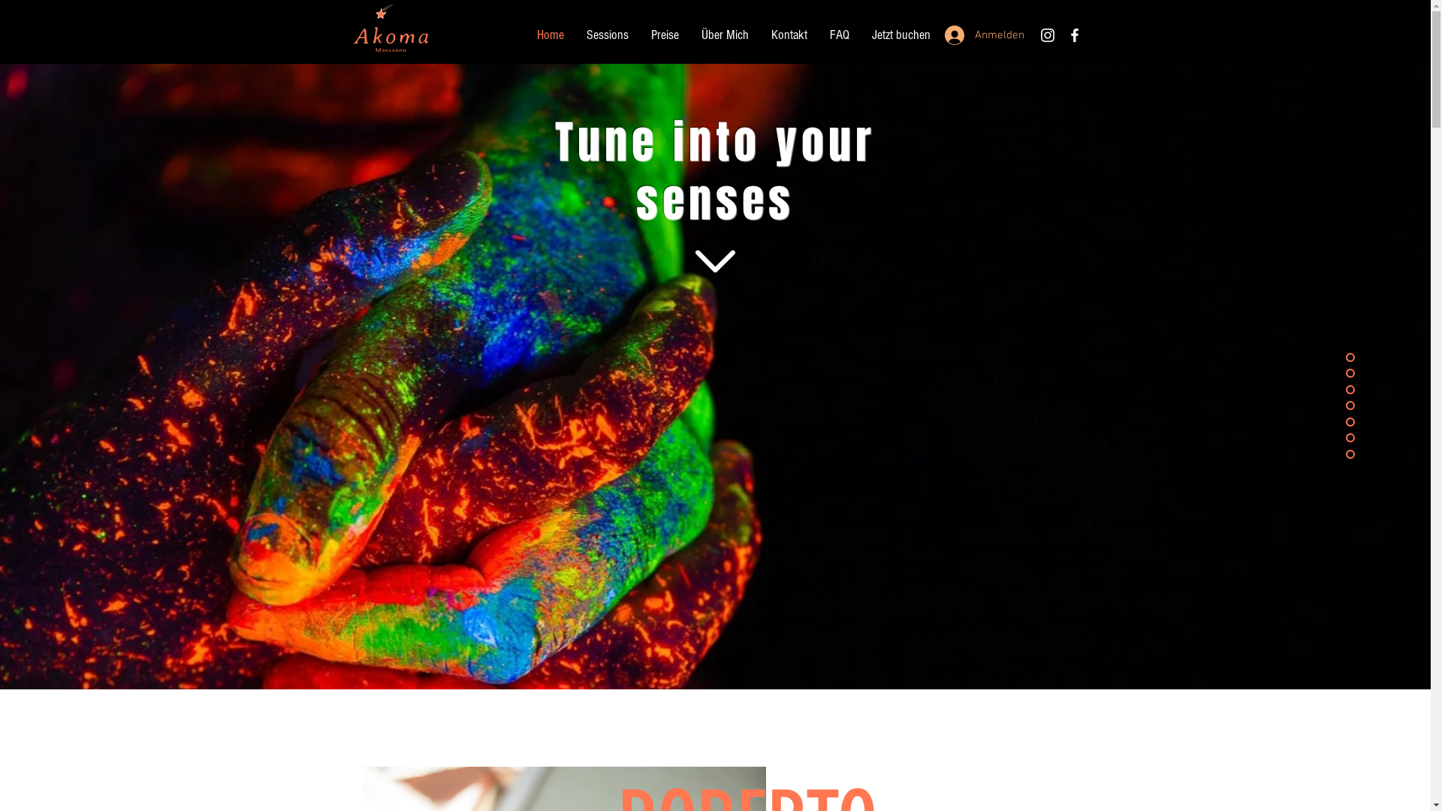 The width and height of the screenshot is (1442, 811). What do you see at coordinates (575, 34) in the screenshot?
I see `'Sessions'` at bounding box center [575, 34].